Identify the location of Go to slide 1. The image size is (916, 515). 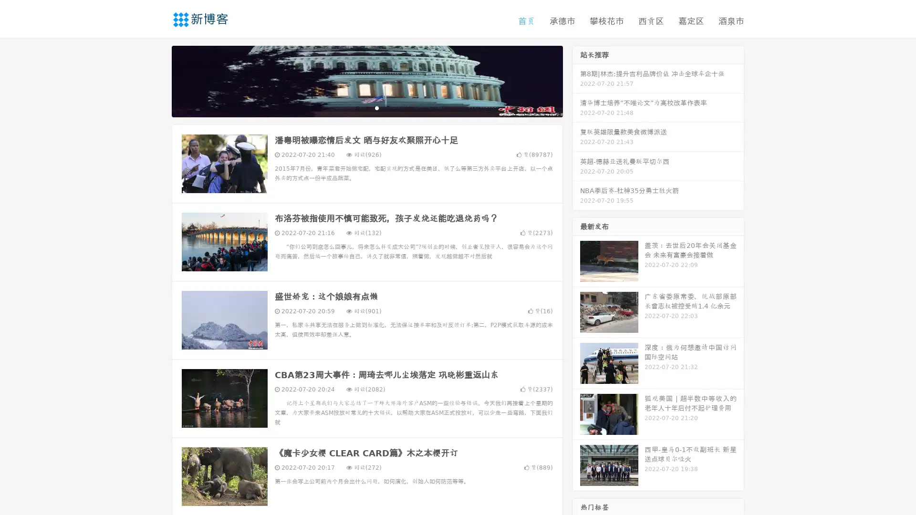
(357, 107).